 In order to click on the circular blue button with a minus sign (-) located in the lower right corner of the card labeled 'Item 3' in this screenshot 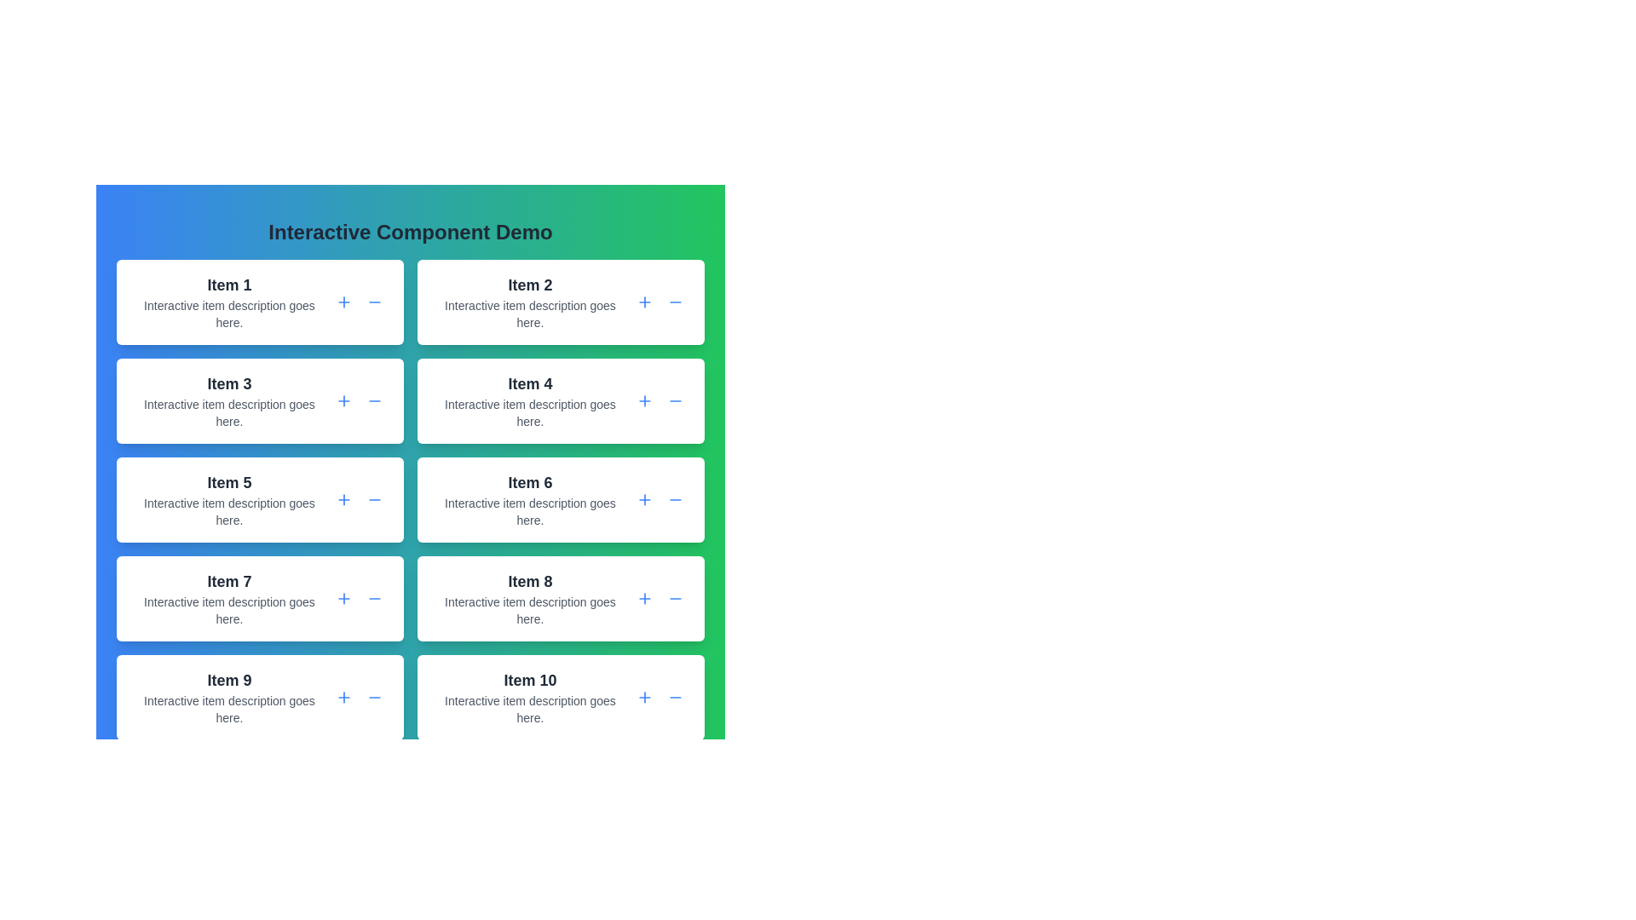, I will do `click(374, 400)`.